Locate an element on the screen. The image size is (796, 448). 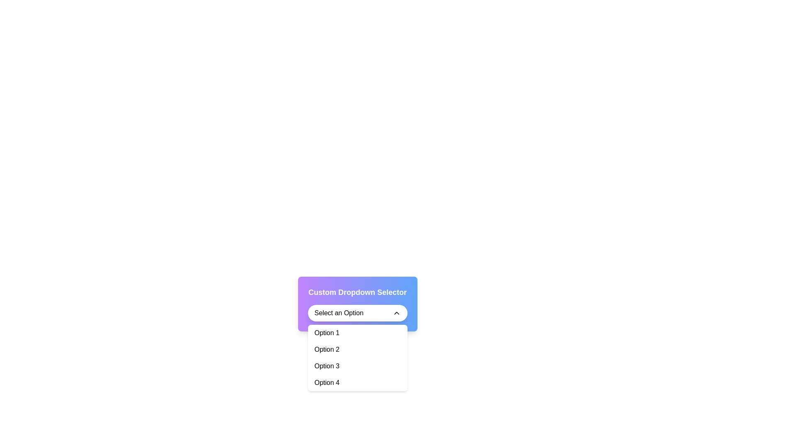
the text label displaying 'Select an Option' within the 'Custom Dropdown Selector' button, which is styled with a white background and rounded corners is located at coordinates (339, 313).